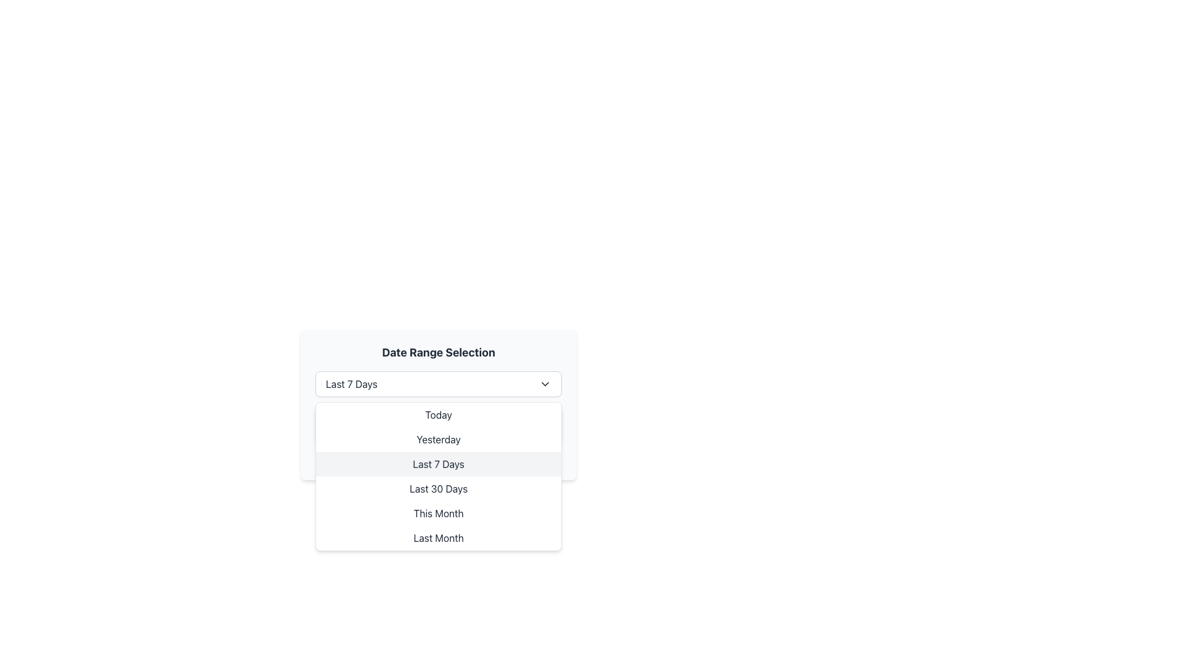 The height and width of the screenshot is (665, 1183). Describe the element at coordinates (438, 438) in the screenshot. I see `the list item displaying 'Yesterday'` at that location.